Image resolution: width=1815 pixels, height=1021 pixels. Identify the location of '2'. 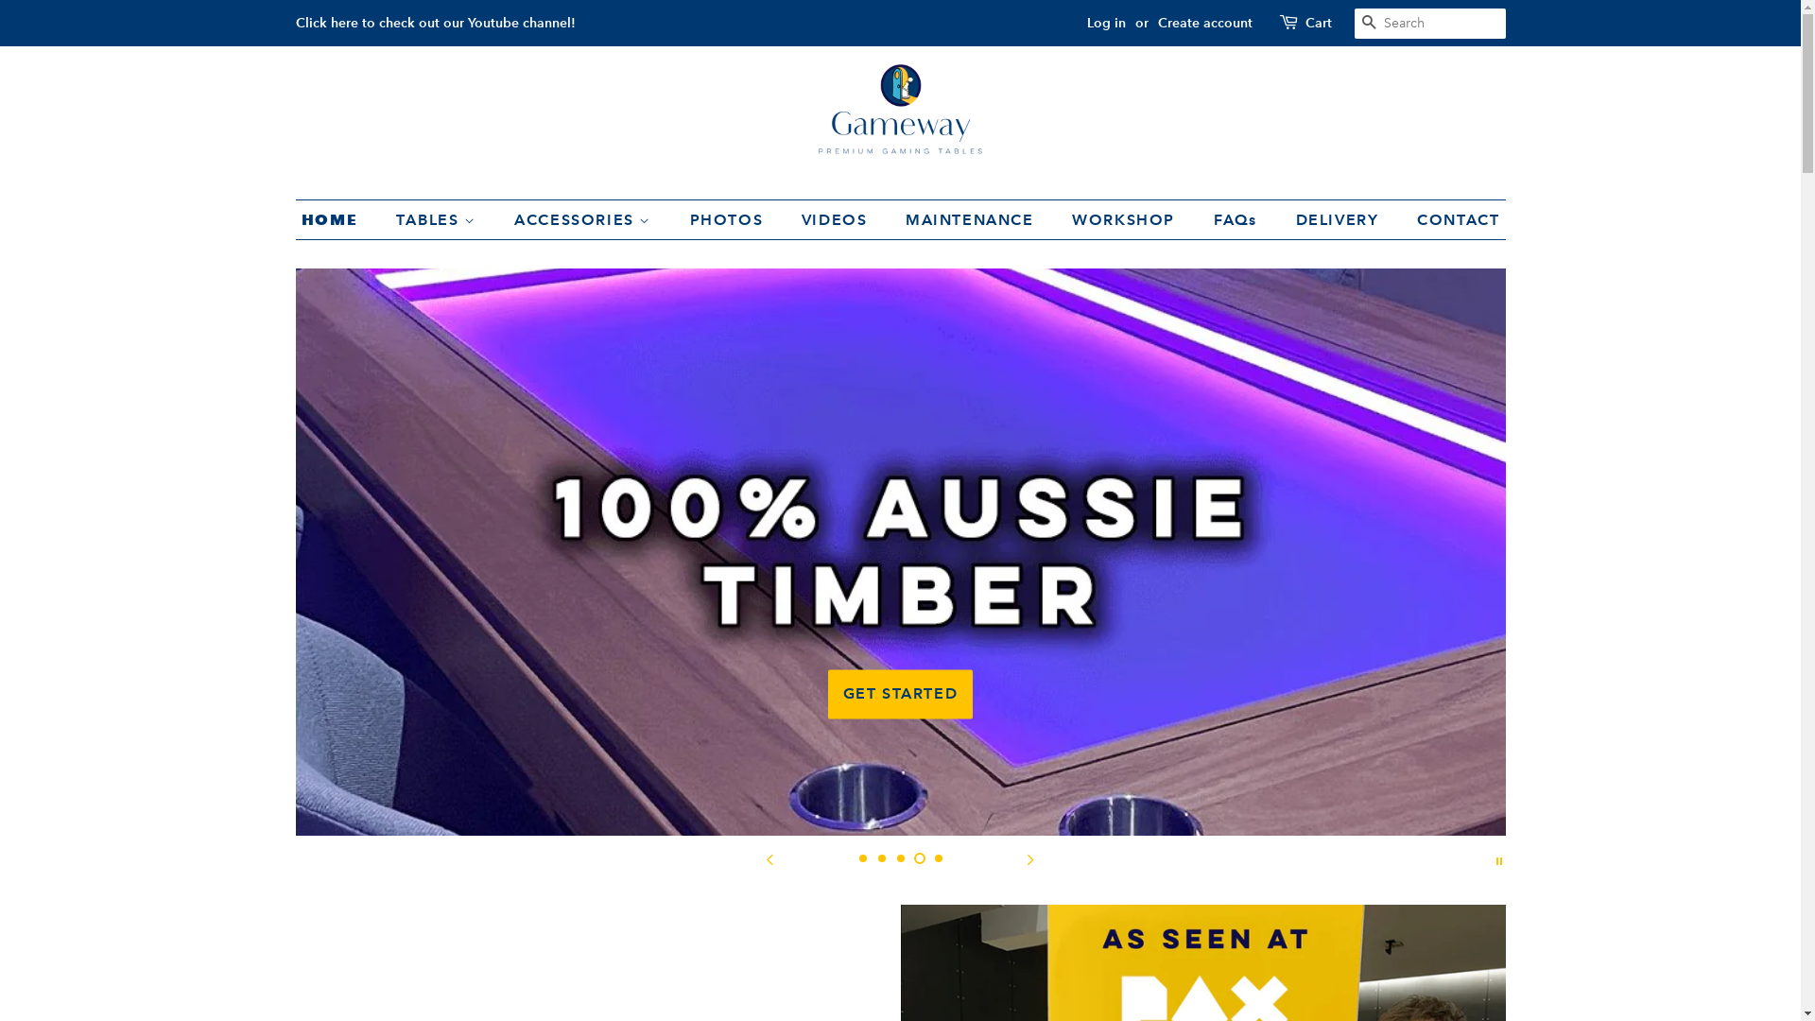
(879, 857).